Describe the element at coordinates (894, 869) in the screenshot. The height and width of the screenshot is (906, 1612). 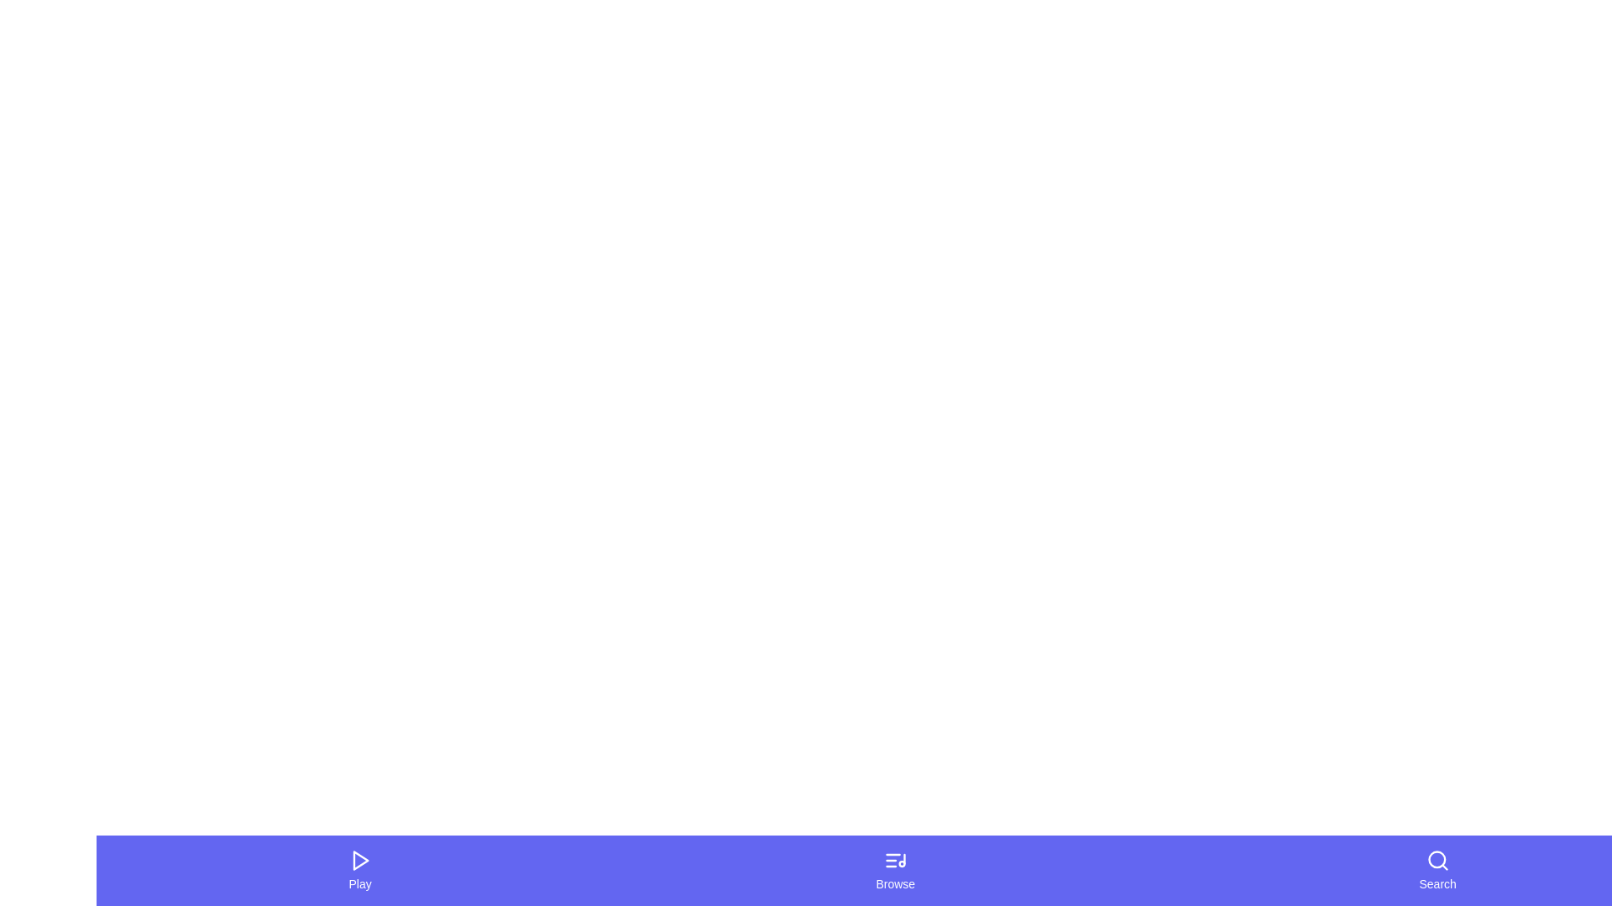
I see `the Browse tab in the bottom navigation bar` at that location.